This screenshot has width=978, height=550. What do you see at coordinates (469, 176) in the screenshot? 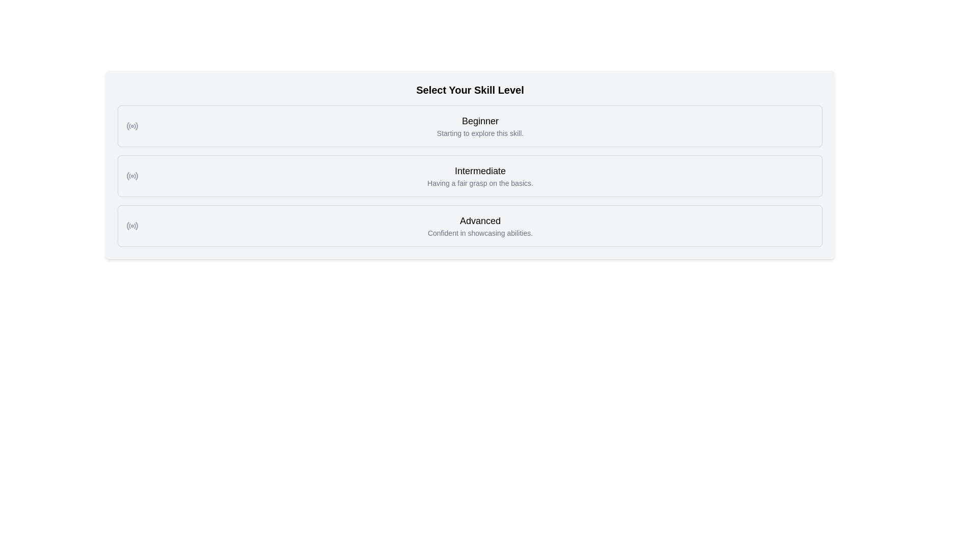
I see `the 'Intermediate' option selector box, which contains bold text reading 'Intermediate' and is located between the 'Beginner' and 'Advanced' options` at bounding box center [469, 176].